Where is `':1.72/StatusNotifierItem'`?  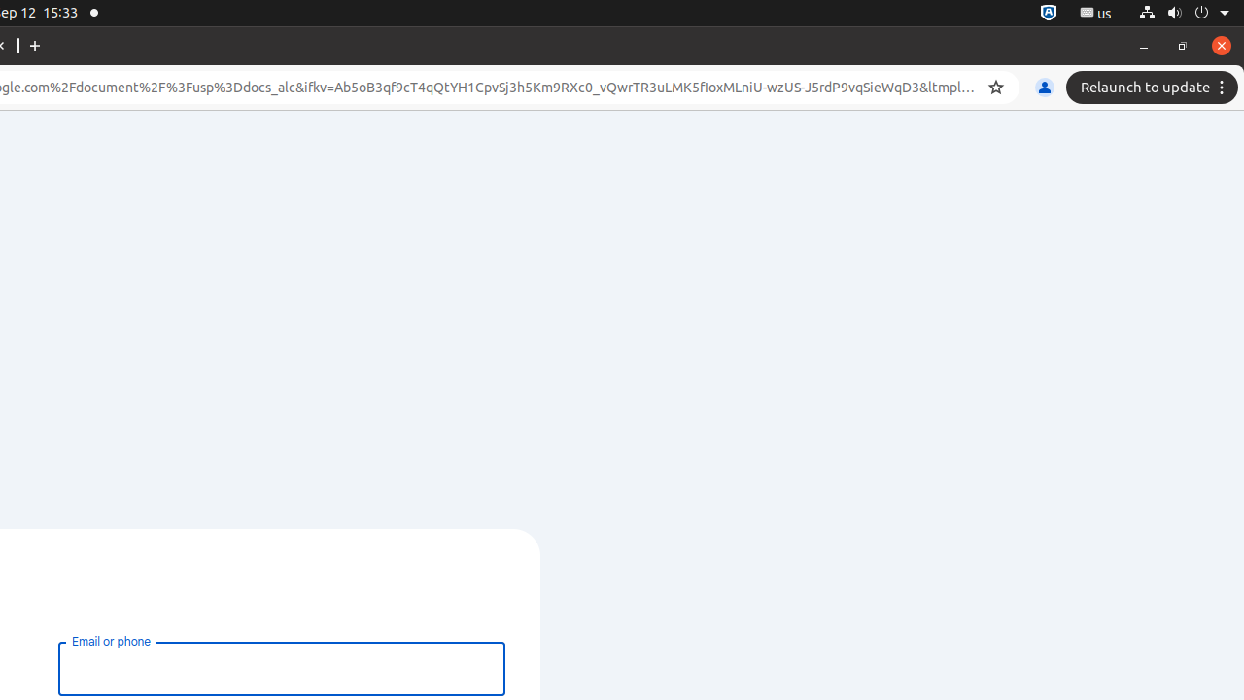 ':1.72/StatusNotifierItem' is located at coordinates (1048, 13).